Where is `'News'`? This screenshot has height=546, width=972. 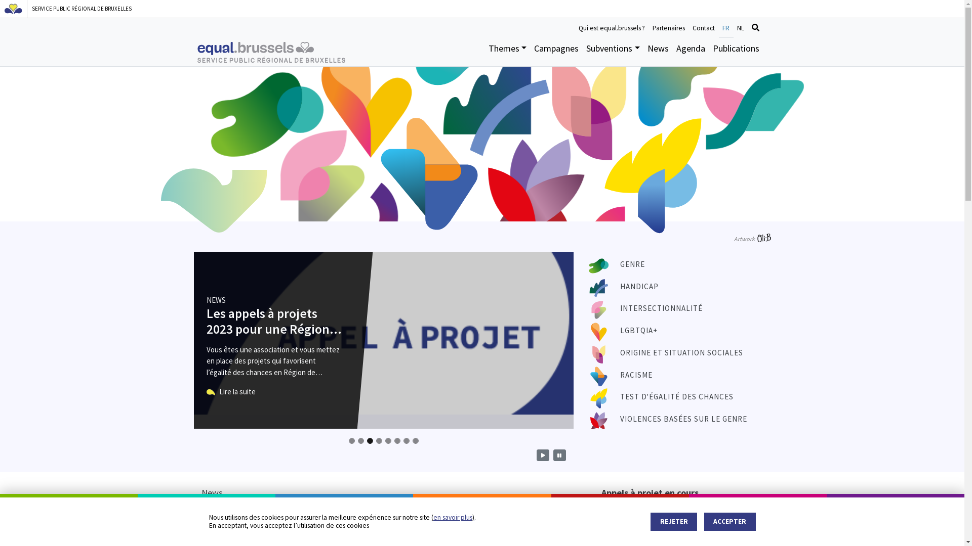 'News' is located at coordinates (658, 52).